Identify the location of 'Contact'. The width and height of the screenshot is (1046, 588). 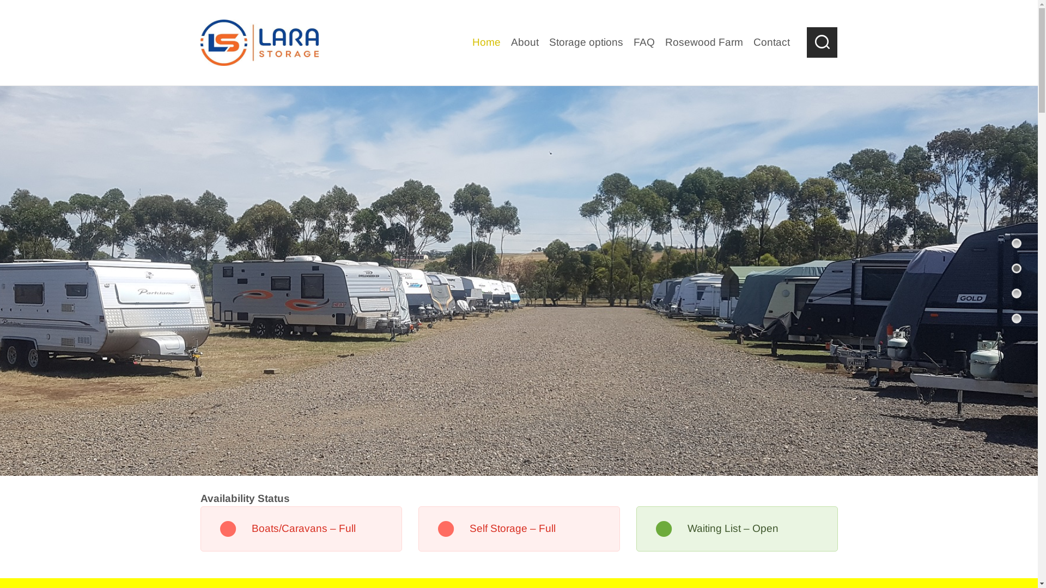
(771, 42).